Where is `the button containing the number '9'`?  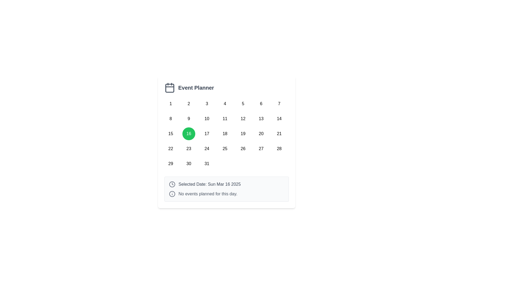 the button containing the number '9' is located at coordinates (189, 118).